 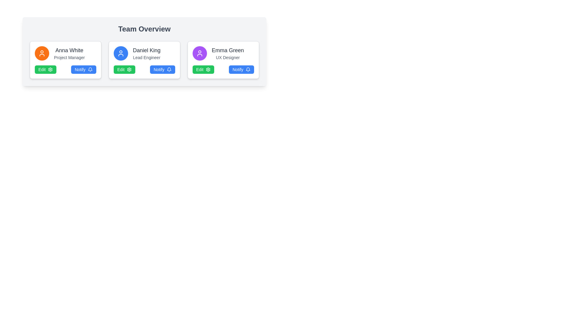 What do you see at coordinates (50, 69) in the screenshot?
I see `the gear-shaped settings icon located within the green 'Edit' button in the first card of the row under 'Anna White - Project Manager'` at bounding box center [50, 69].